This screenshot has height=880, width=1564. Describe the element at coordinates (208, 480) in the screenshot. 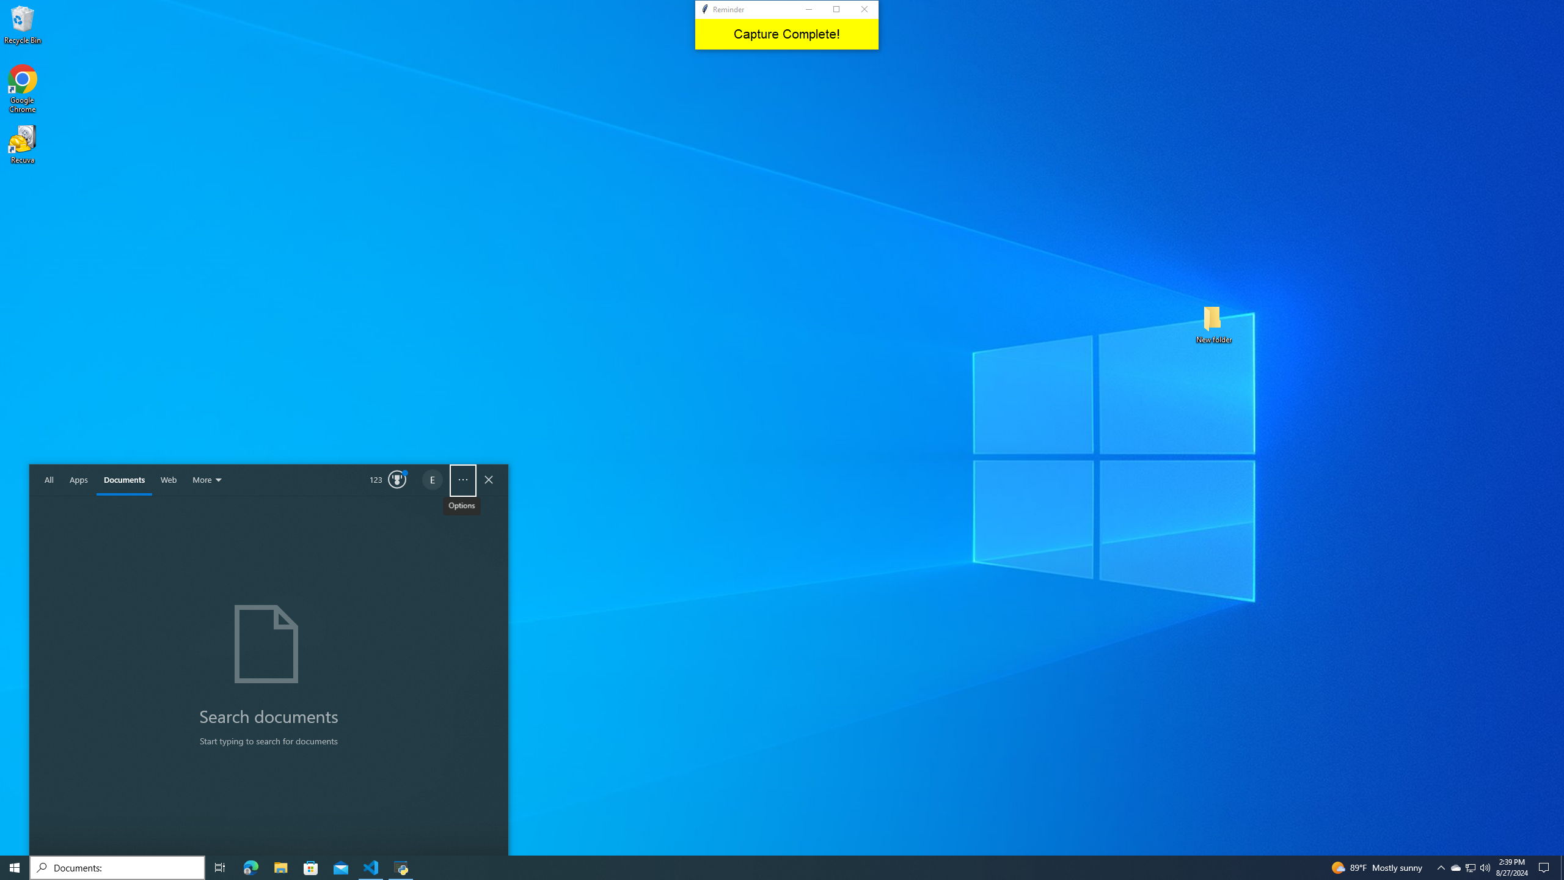

I see `'More'` at that location.